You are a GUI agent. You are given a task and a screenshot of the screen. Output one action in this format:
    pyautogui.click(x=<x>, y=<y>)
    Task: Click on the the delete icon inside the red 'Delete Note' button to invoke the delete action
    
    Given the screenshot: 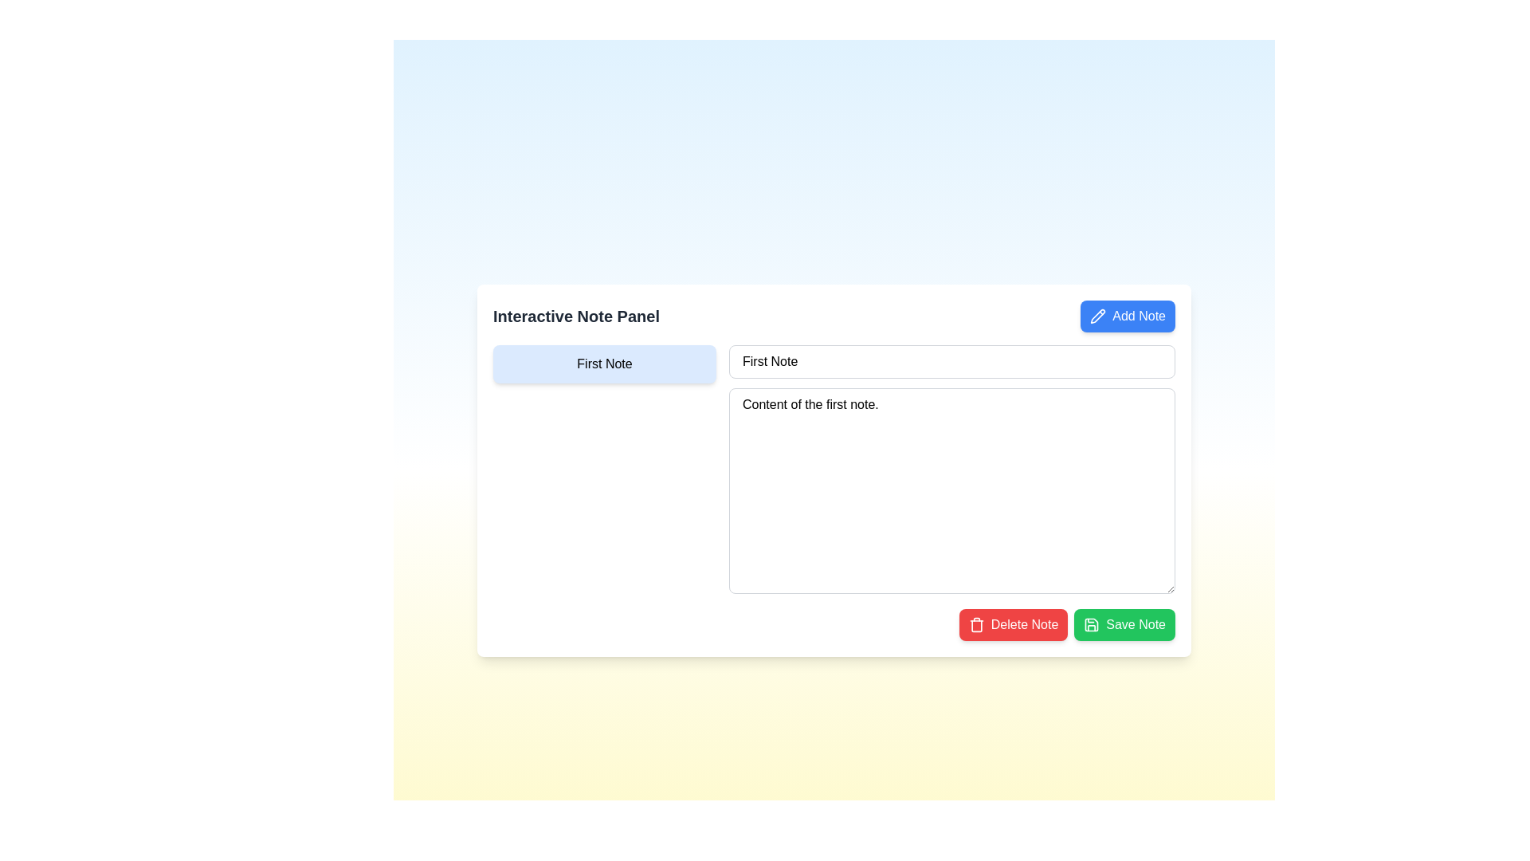 What is the action you would take?
    pyautogui.click(x=975, y=623)
    